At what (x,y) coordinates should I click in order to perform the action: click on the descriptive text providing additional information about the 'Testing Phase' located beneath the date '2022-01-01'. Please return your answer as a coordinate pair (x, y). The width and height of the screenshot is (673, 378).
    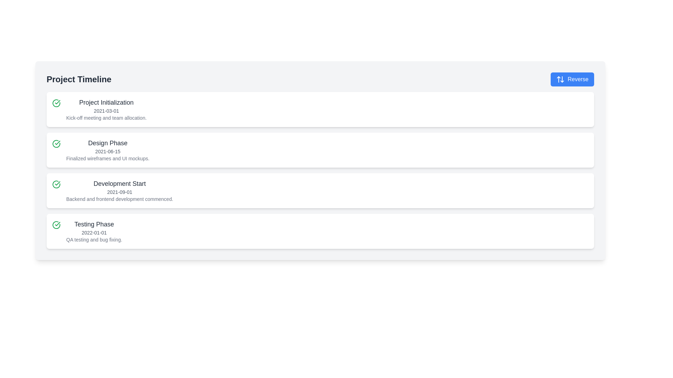
    Looking at the image, I should click on (94, 239).